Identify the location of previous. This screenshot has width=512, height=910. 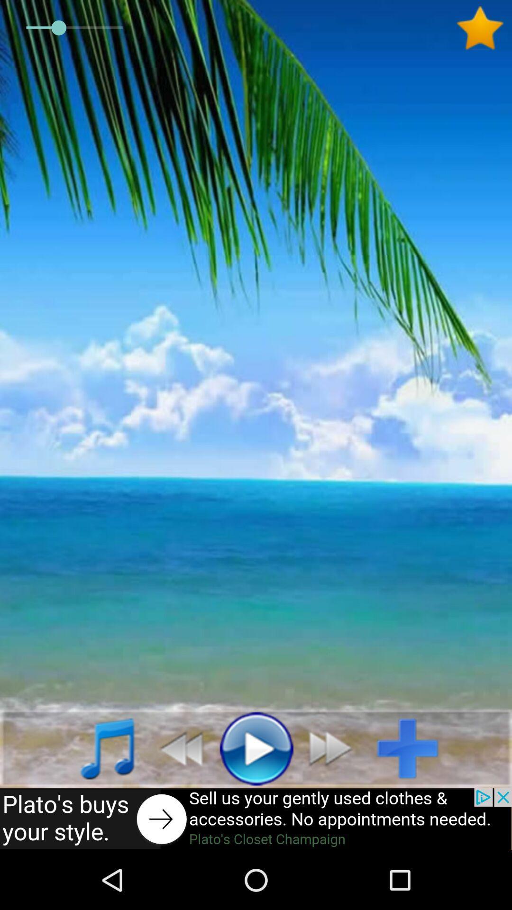
(335, 747).